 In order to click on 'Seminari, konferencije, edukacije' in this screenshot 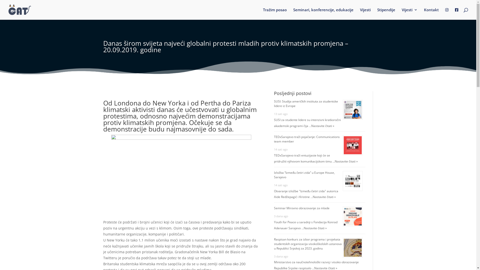, I will do `click(323, 13)`.